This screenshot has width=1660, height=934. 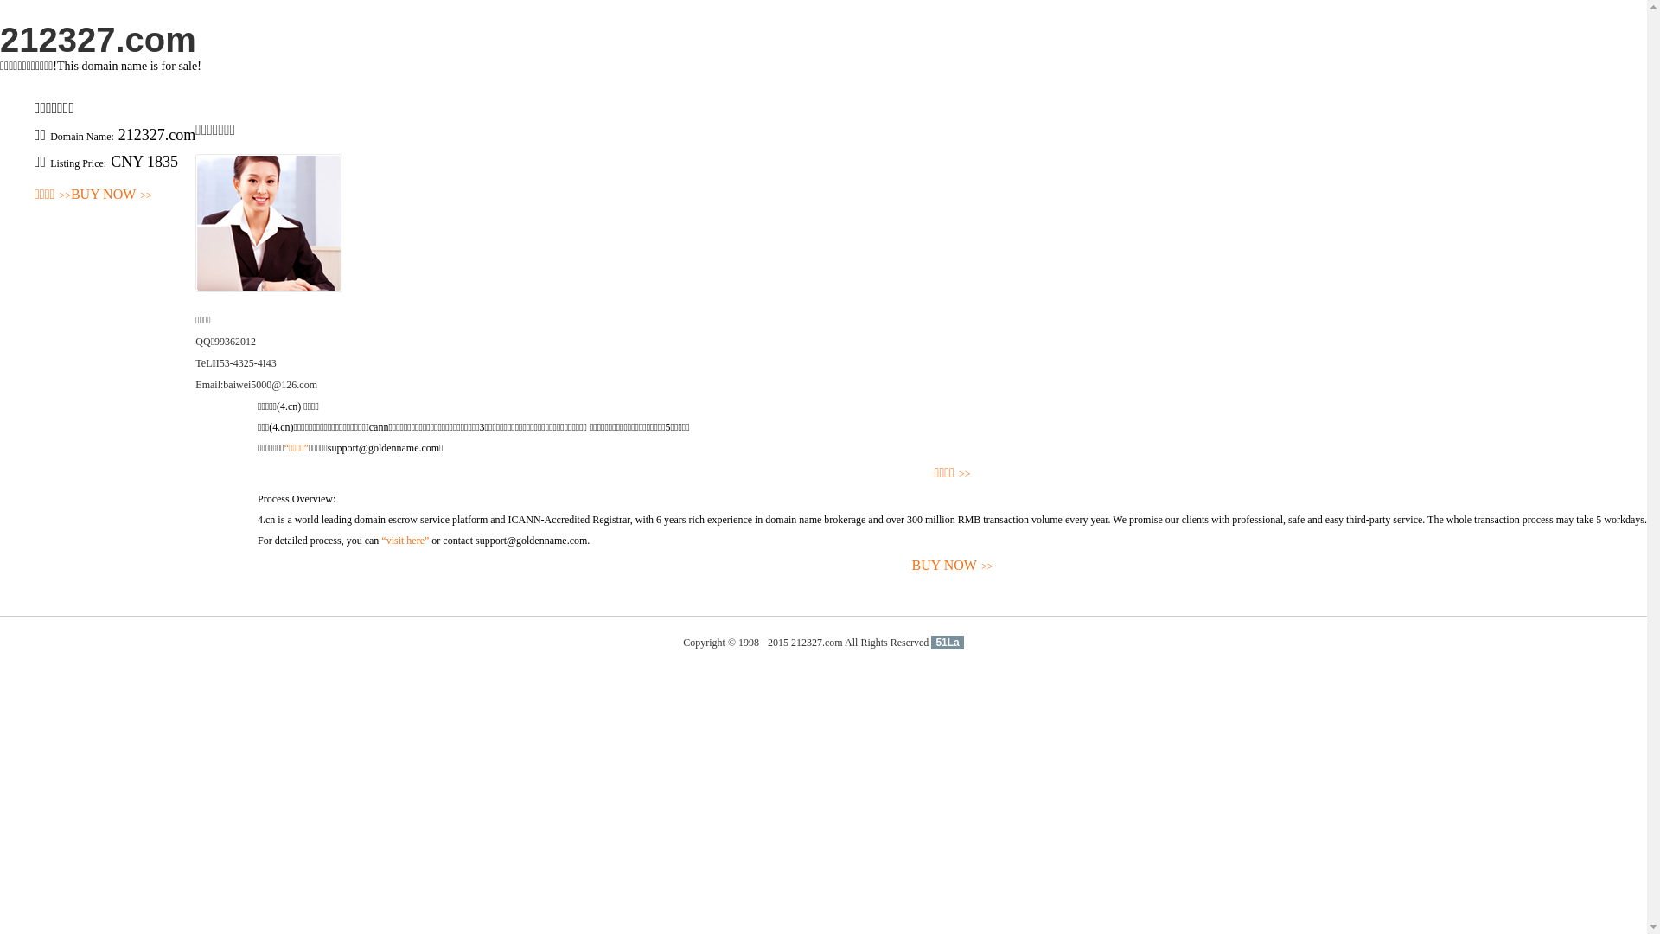 What do you see at coordinates (929, 643) in the screenshot?
I see `'51La'` at bounding box center [929, 643].